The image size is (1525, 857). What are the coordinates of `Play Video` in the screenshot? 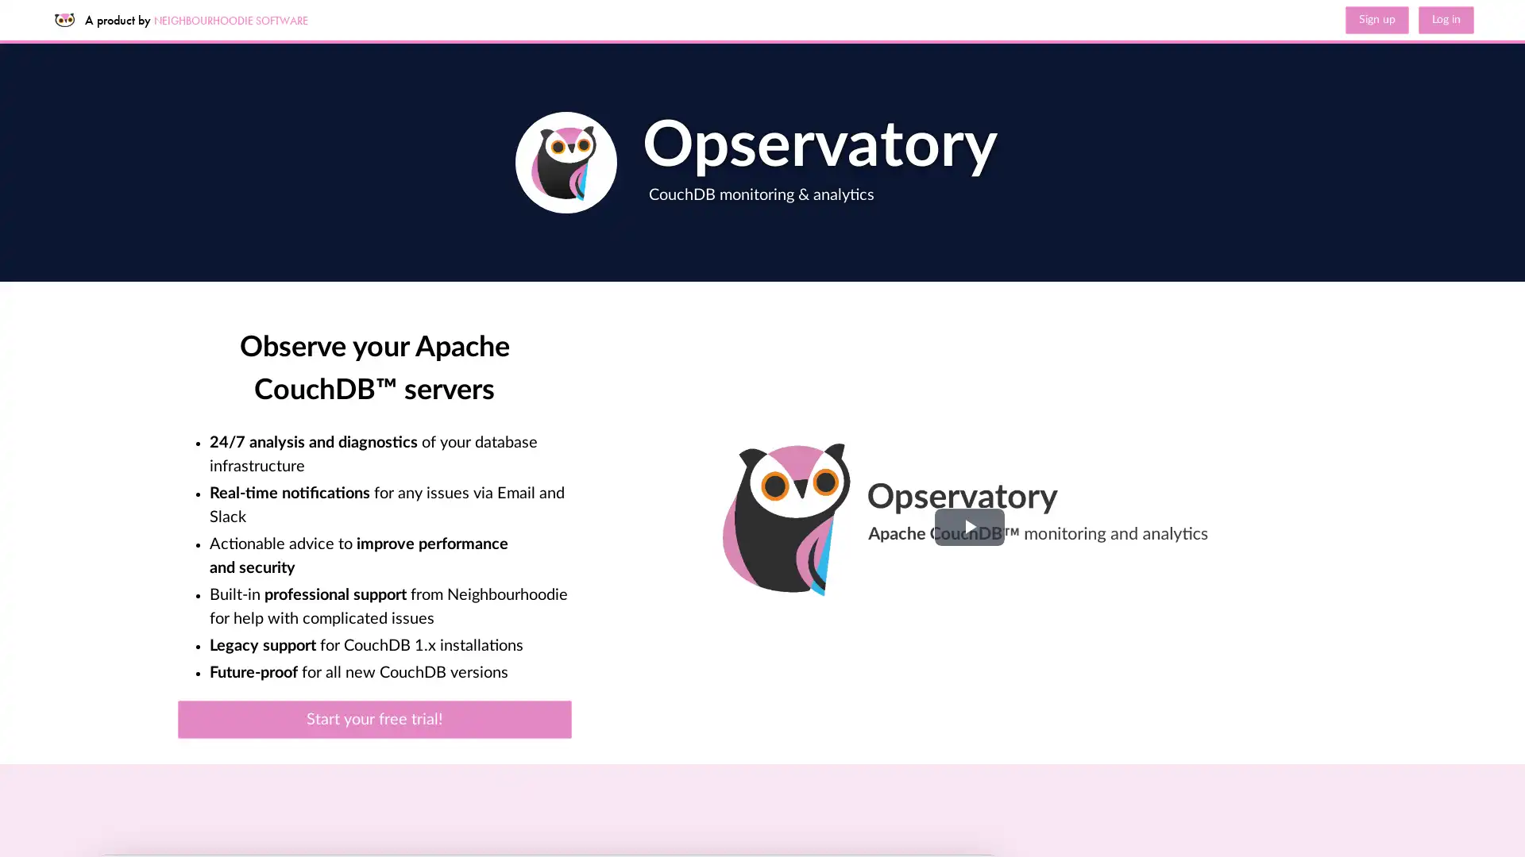 It's located at (967, 526).